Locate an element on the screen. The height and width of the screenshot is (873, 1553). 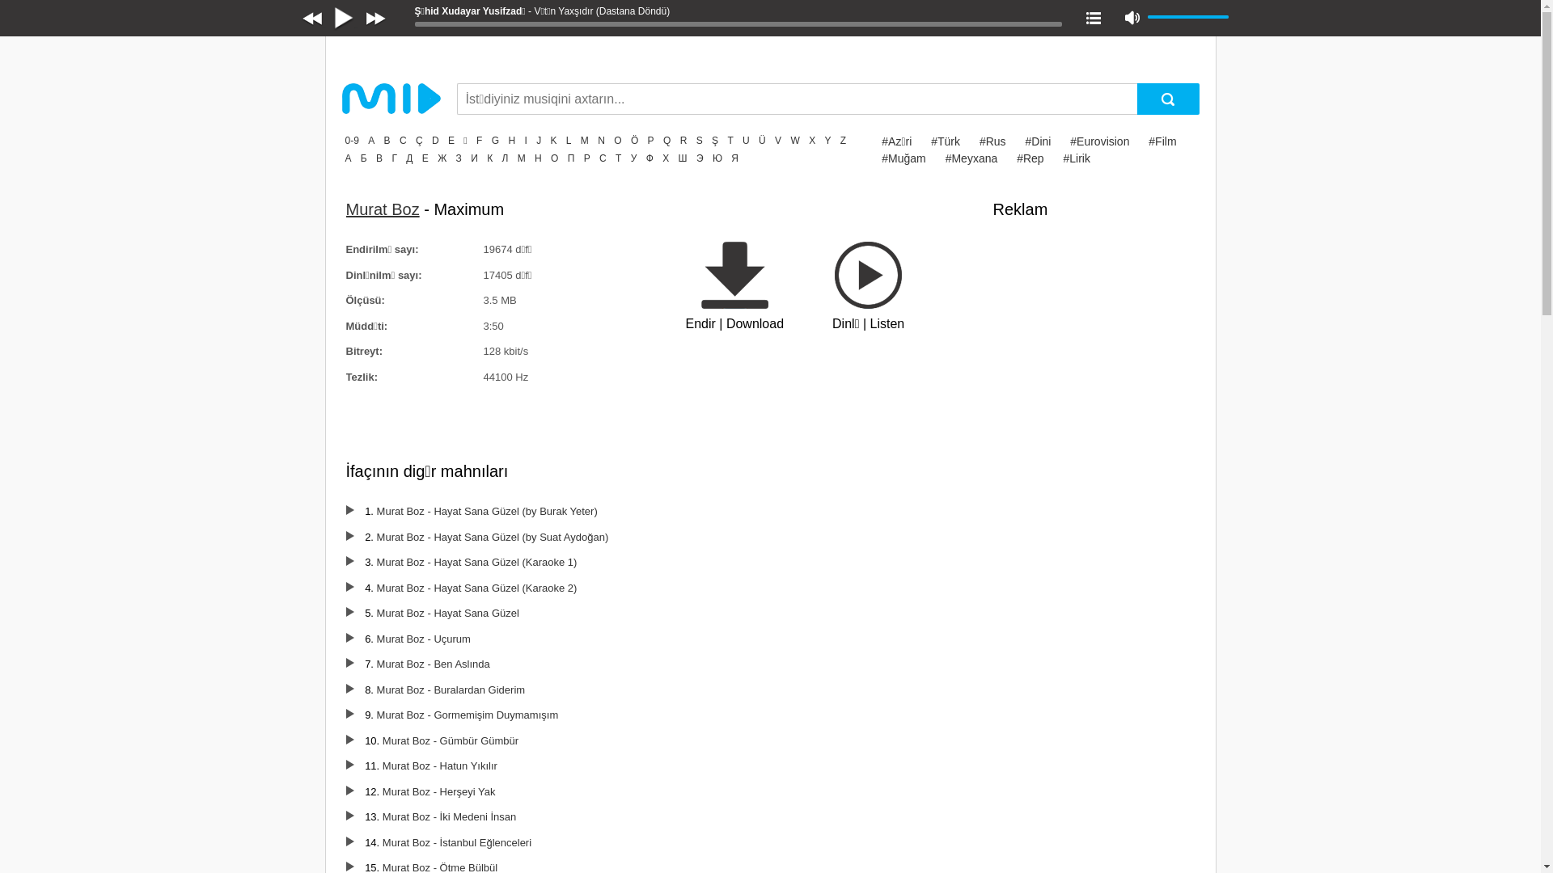
'S' is located at coordinates (696, 139).